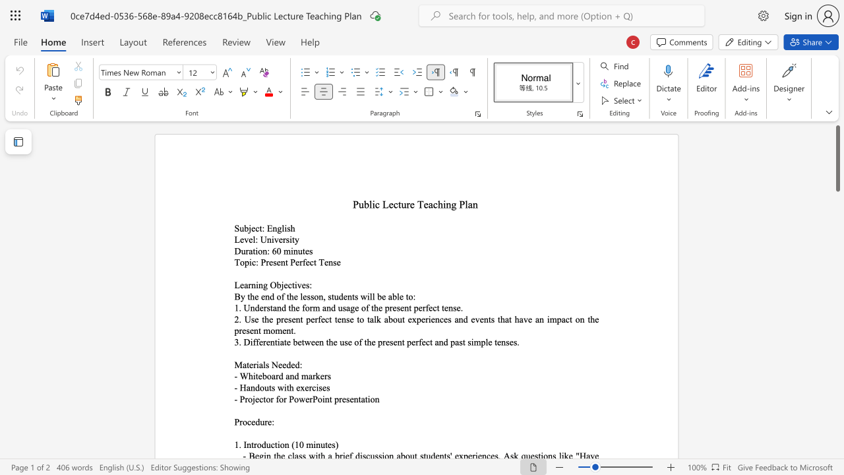 The width and height of the screenshot is (844, 475). What do you see at coordinates (263, 239) in the screenshot?
I see `the 1th character "U" in the text` at bounding box center [263, 239].